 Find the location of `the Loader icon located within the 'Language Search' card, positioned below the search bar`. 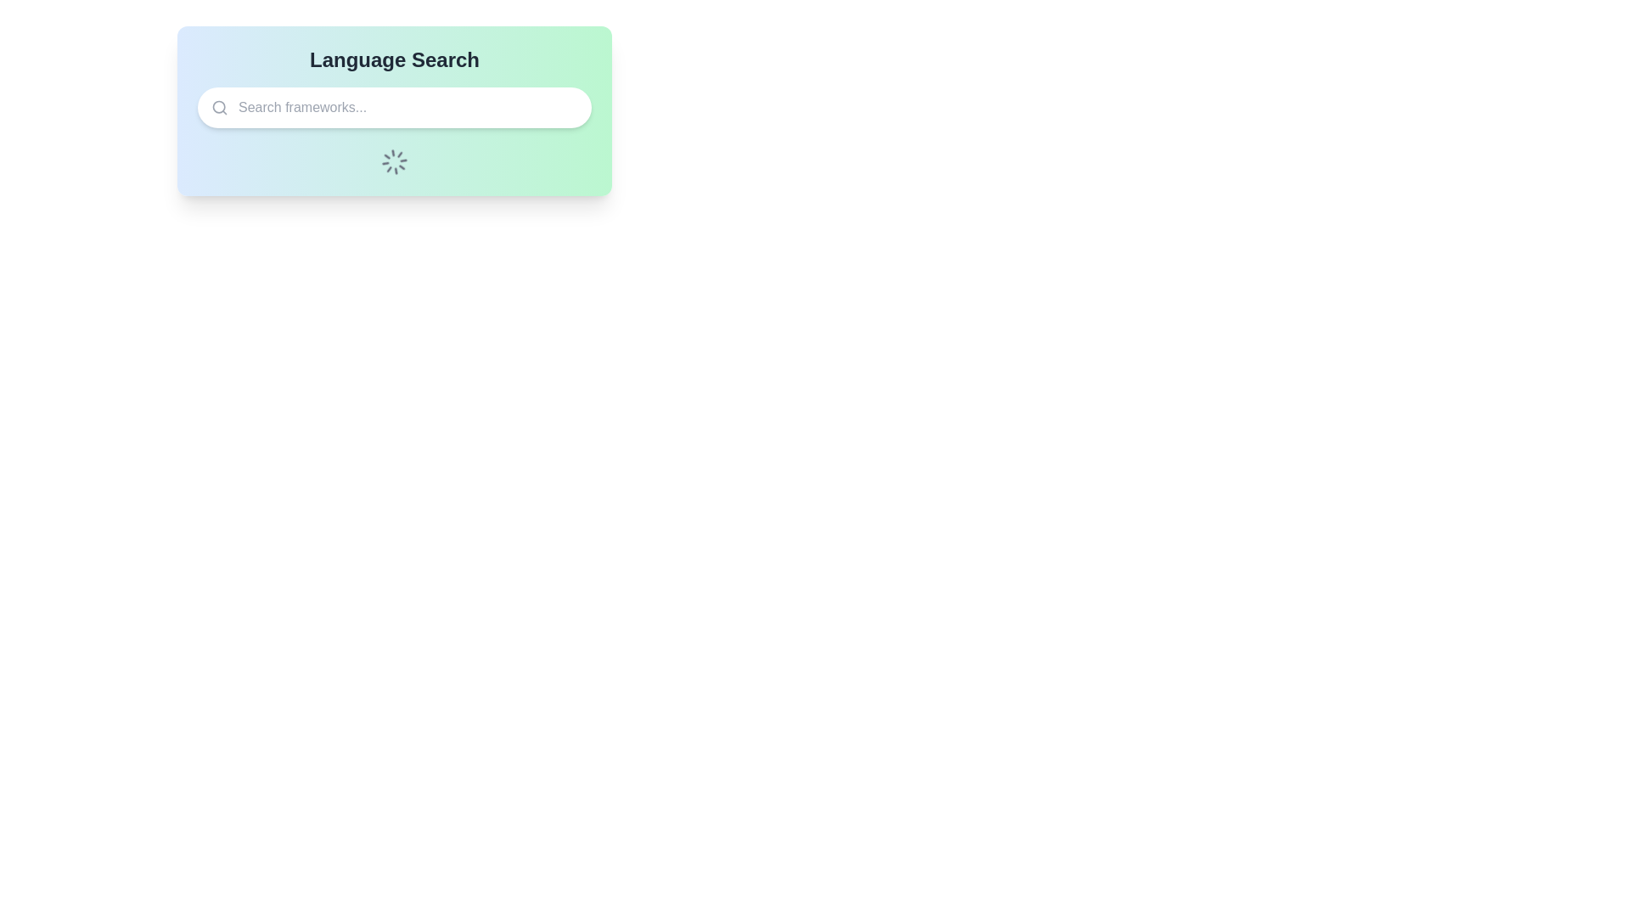

the Loader icon located within the 'Language Search' card, positioned below the search bar is located at coordinates (394, 162).